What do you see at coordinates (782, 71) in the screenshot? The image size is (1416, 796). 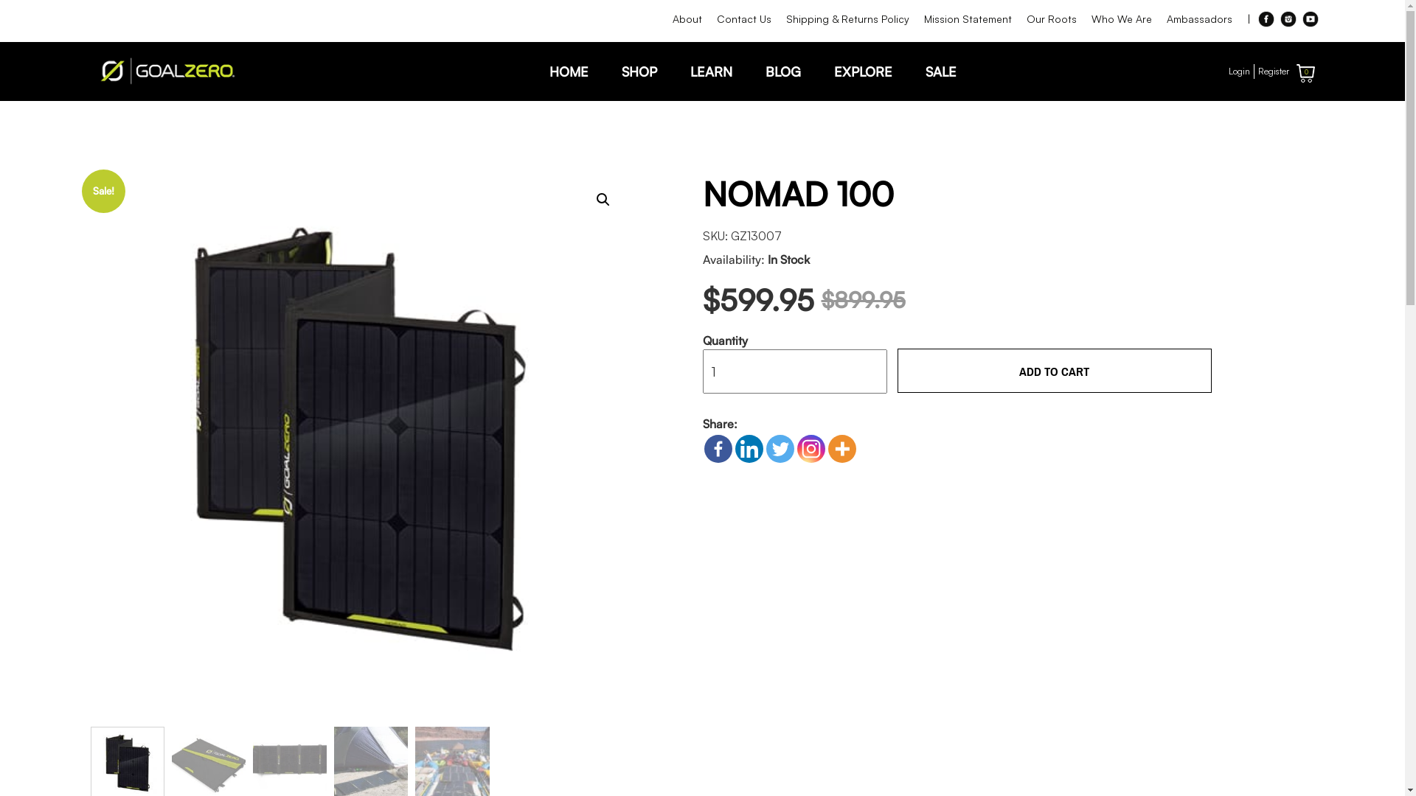 I see `'BLOG'` at bounding box center [782, 71].